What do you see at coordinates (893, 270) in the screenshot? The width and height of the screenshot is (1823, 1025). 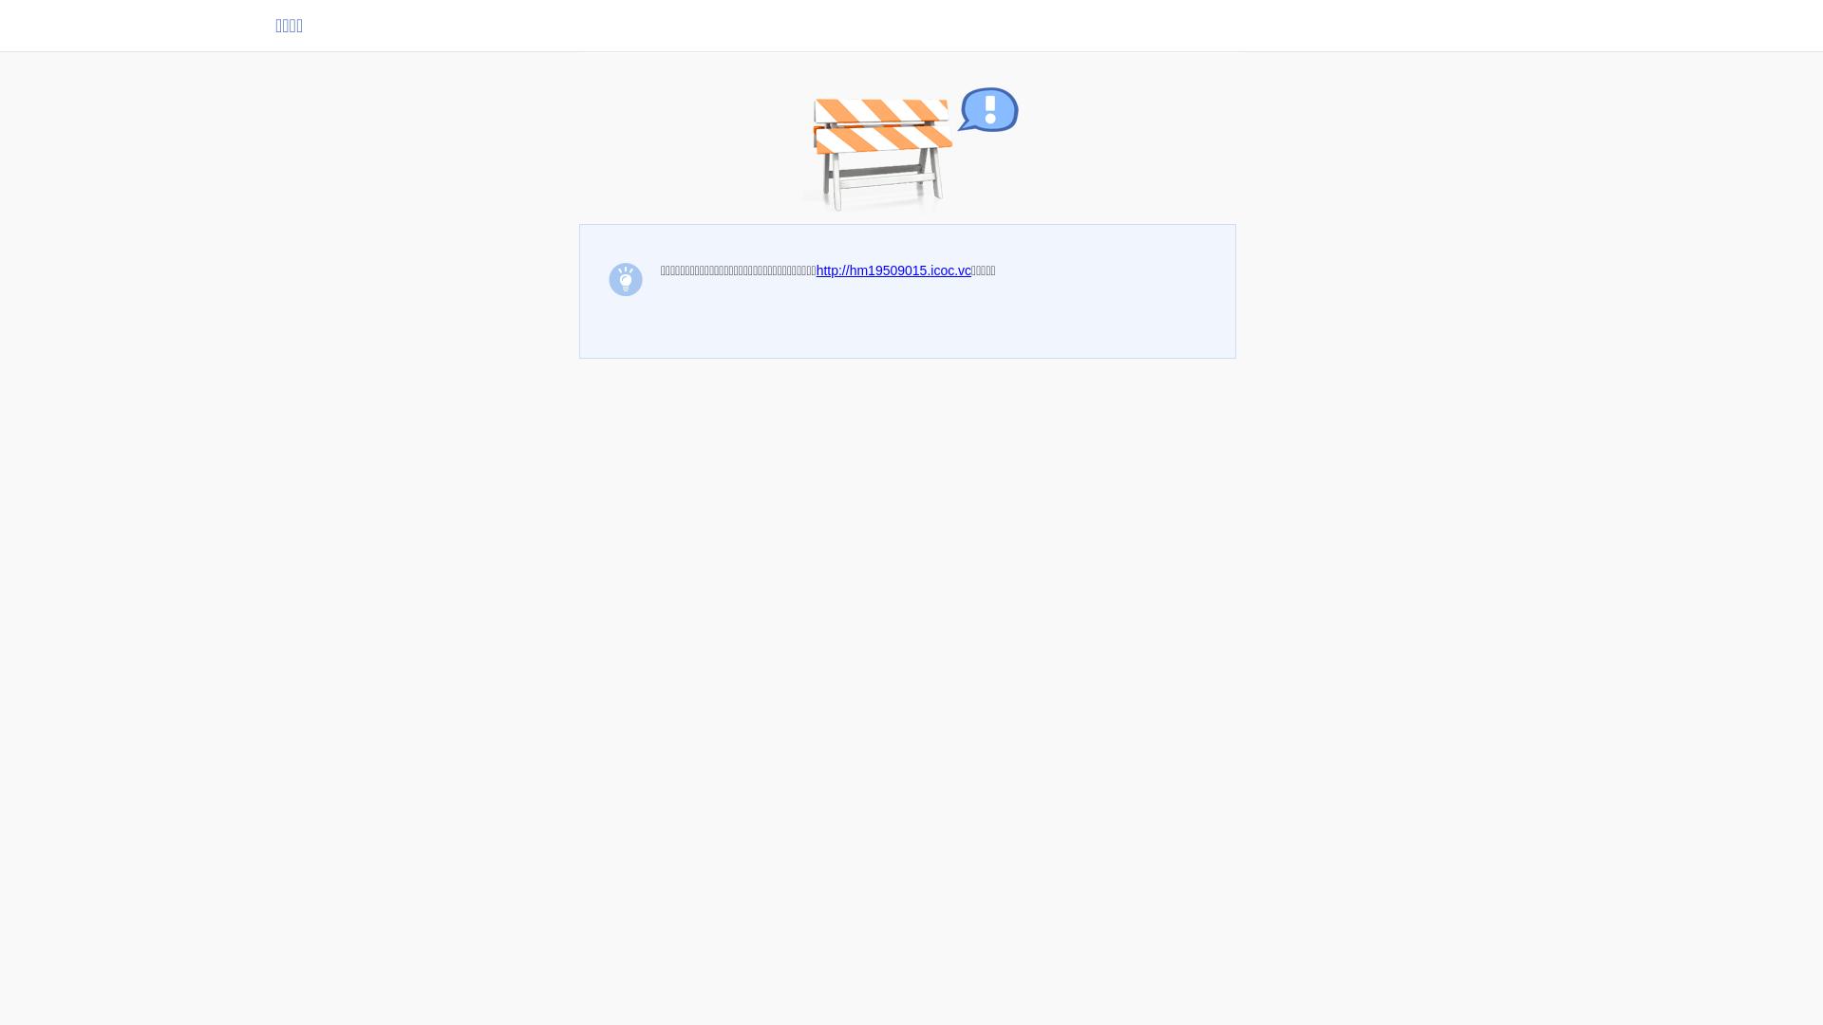 I see `'http://hm19509015.icoc.vc'` at bounding box center [893, 270].